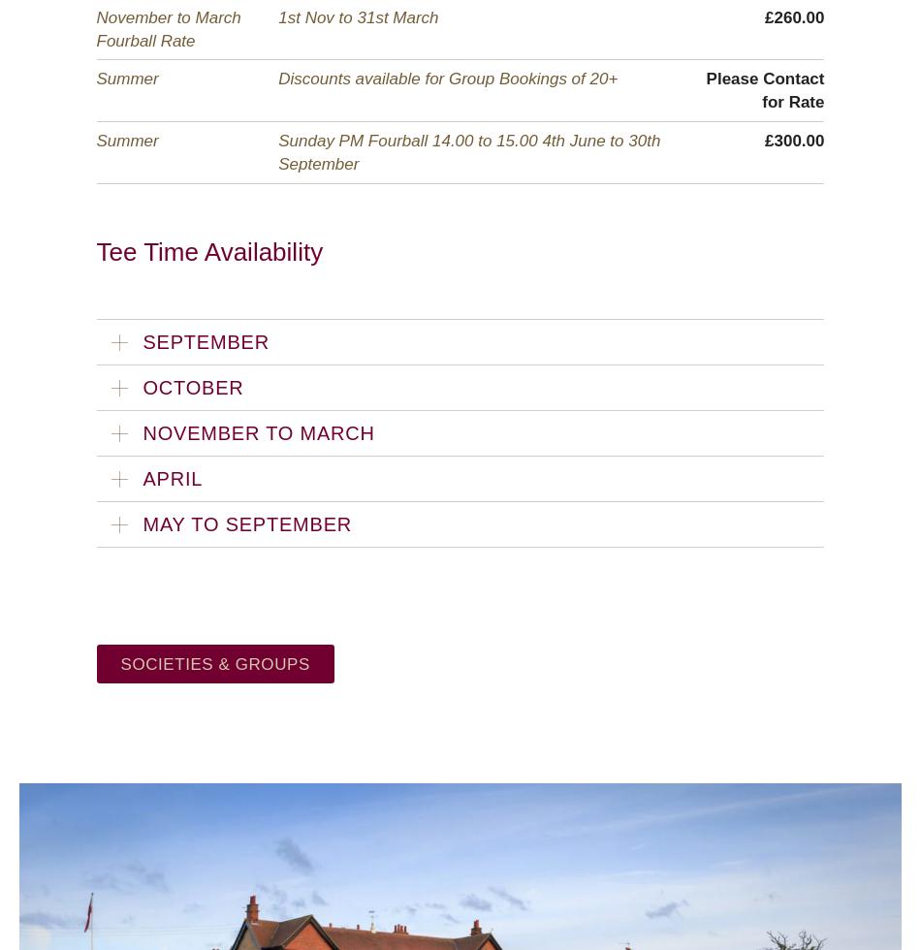  What do you see at coordinates (142, 523) in the screenshot?
I see `'May to September'` at bounding box center [142, 523].